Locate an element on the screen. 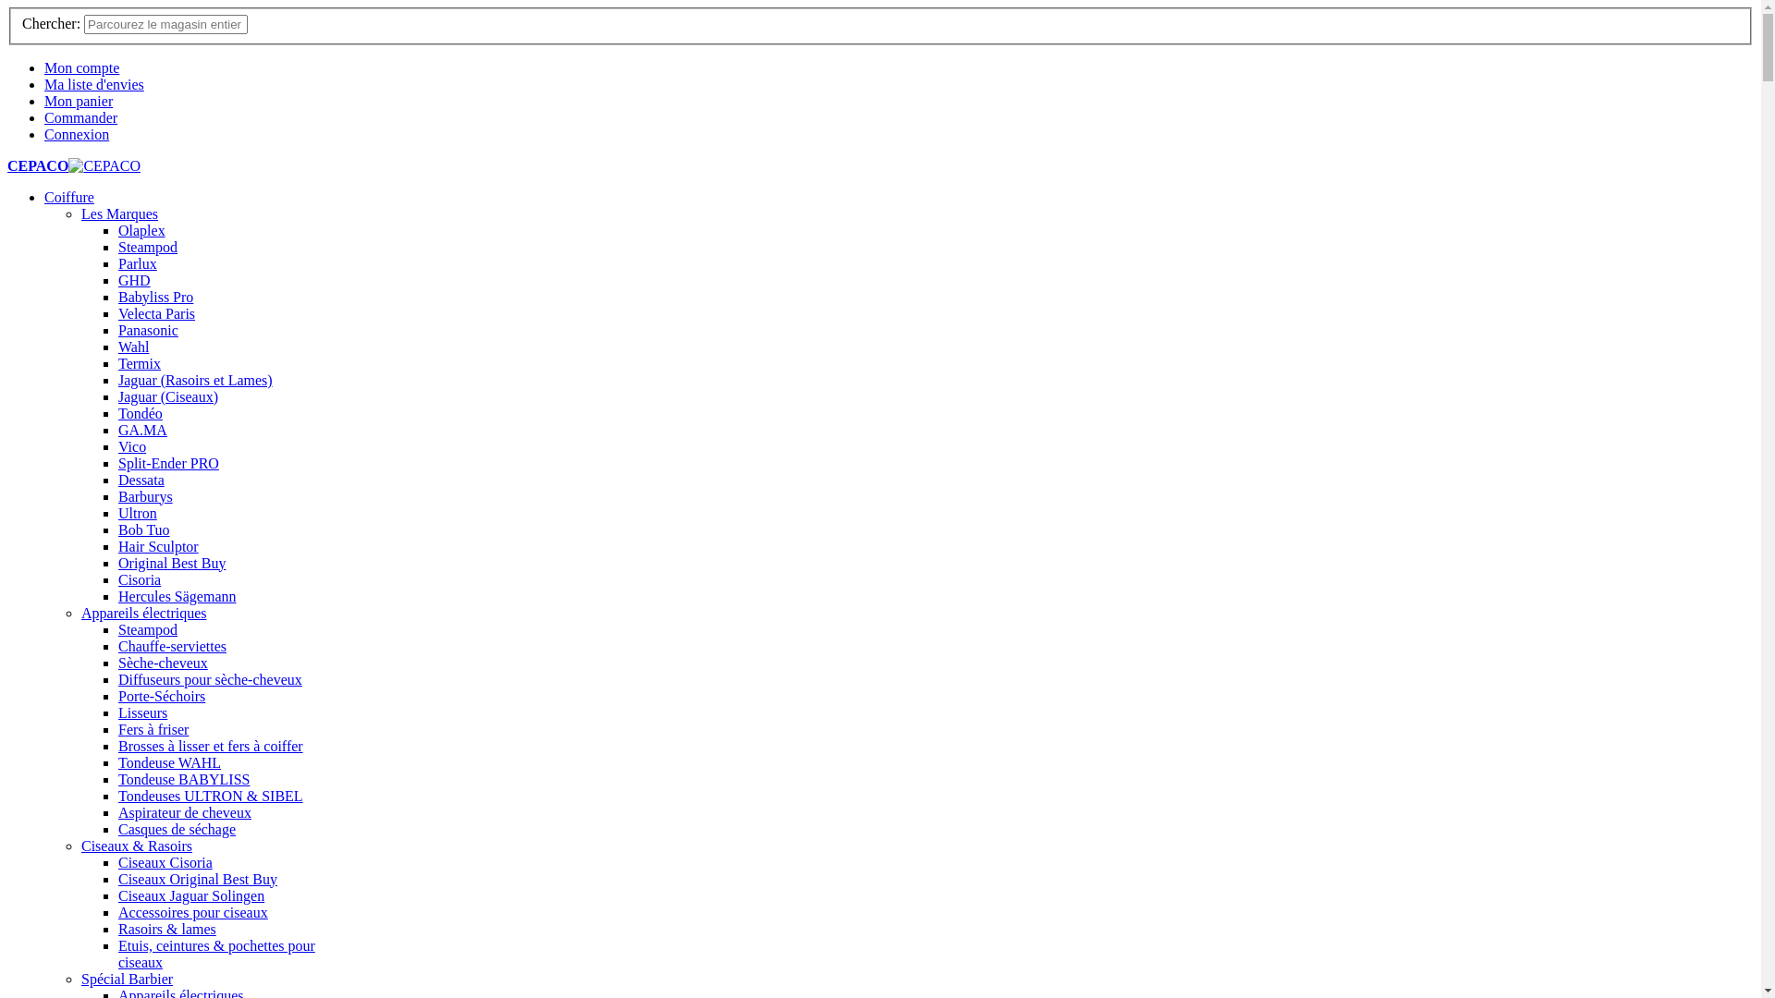 This screenshot has width=1775, height=998. 'Ciseaux Original Best Buy' is located at coordinates (198, 878).